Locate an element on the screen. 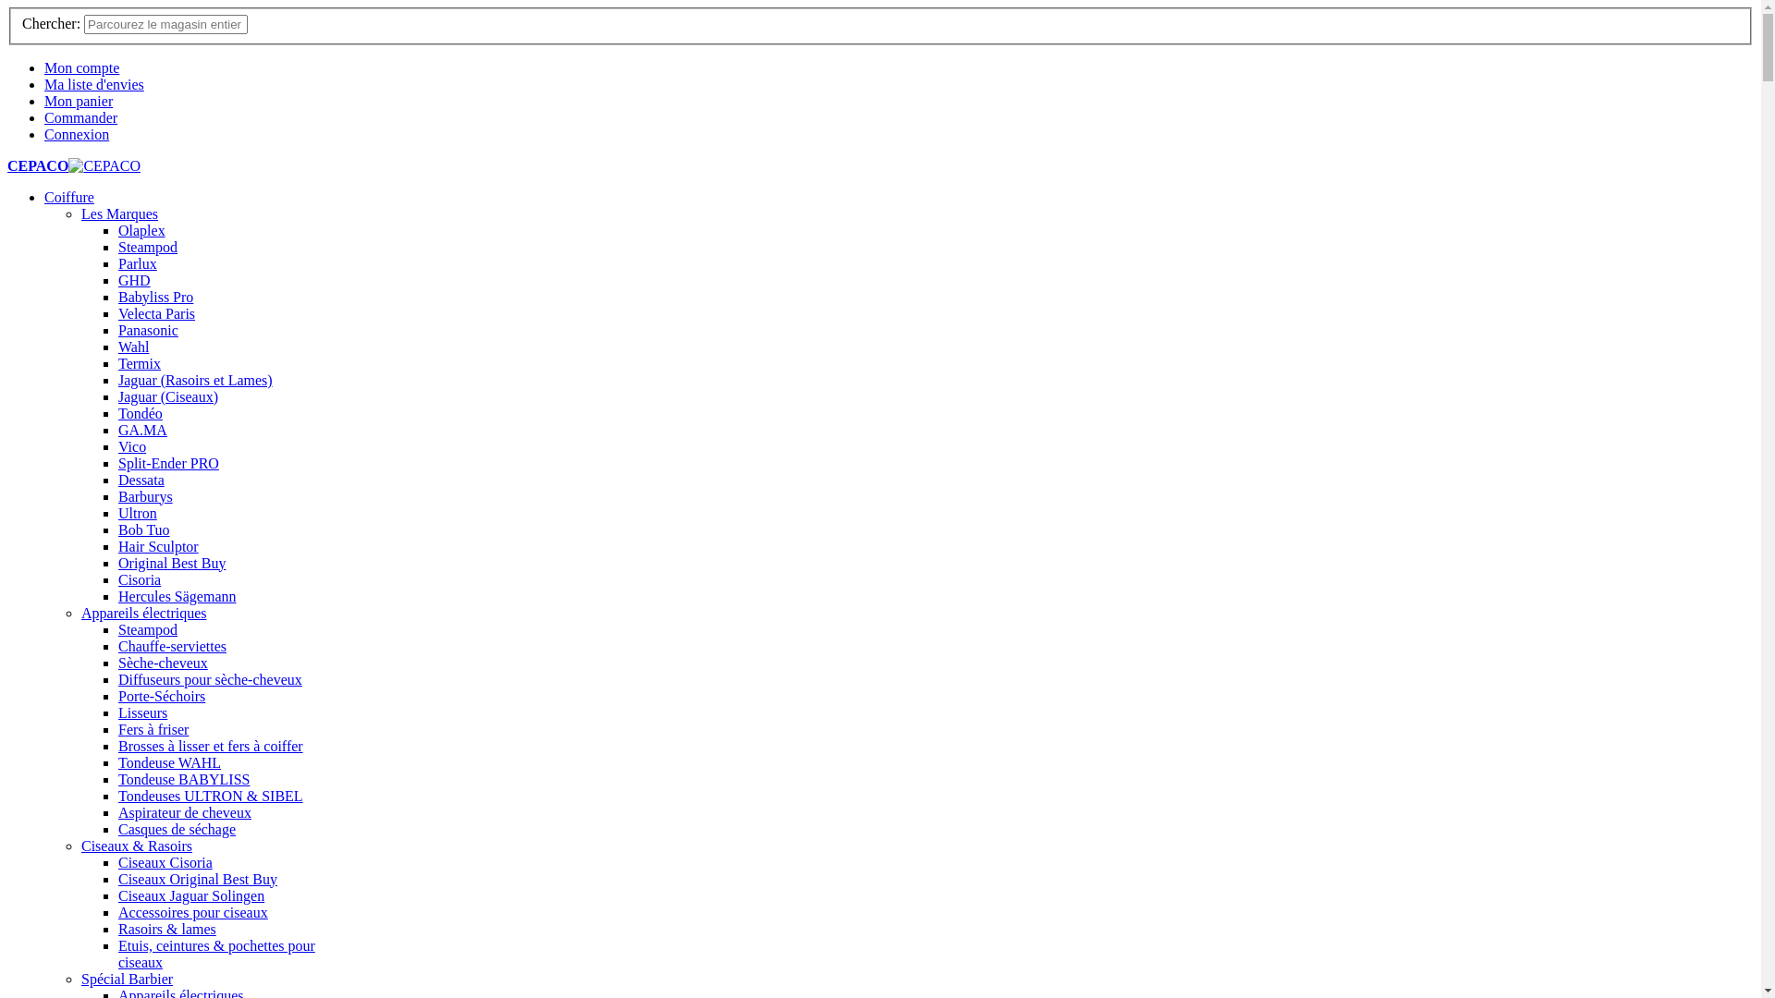 This screenshot has width=1775, height=998. 'Ciseaux Original Best Buy' is located at coordinates (198, 878).